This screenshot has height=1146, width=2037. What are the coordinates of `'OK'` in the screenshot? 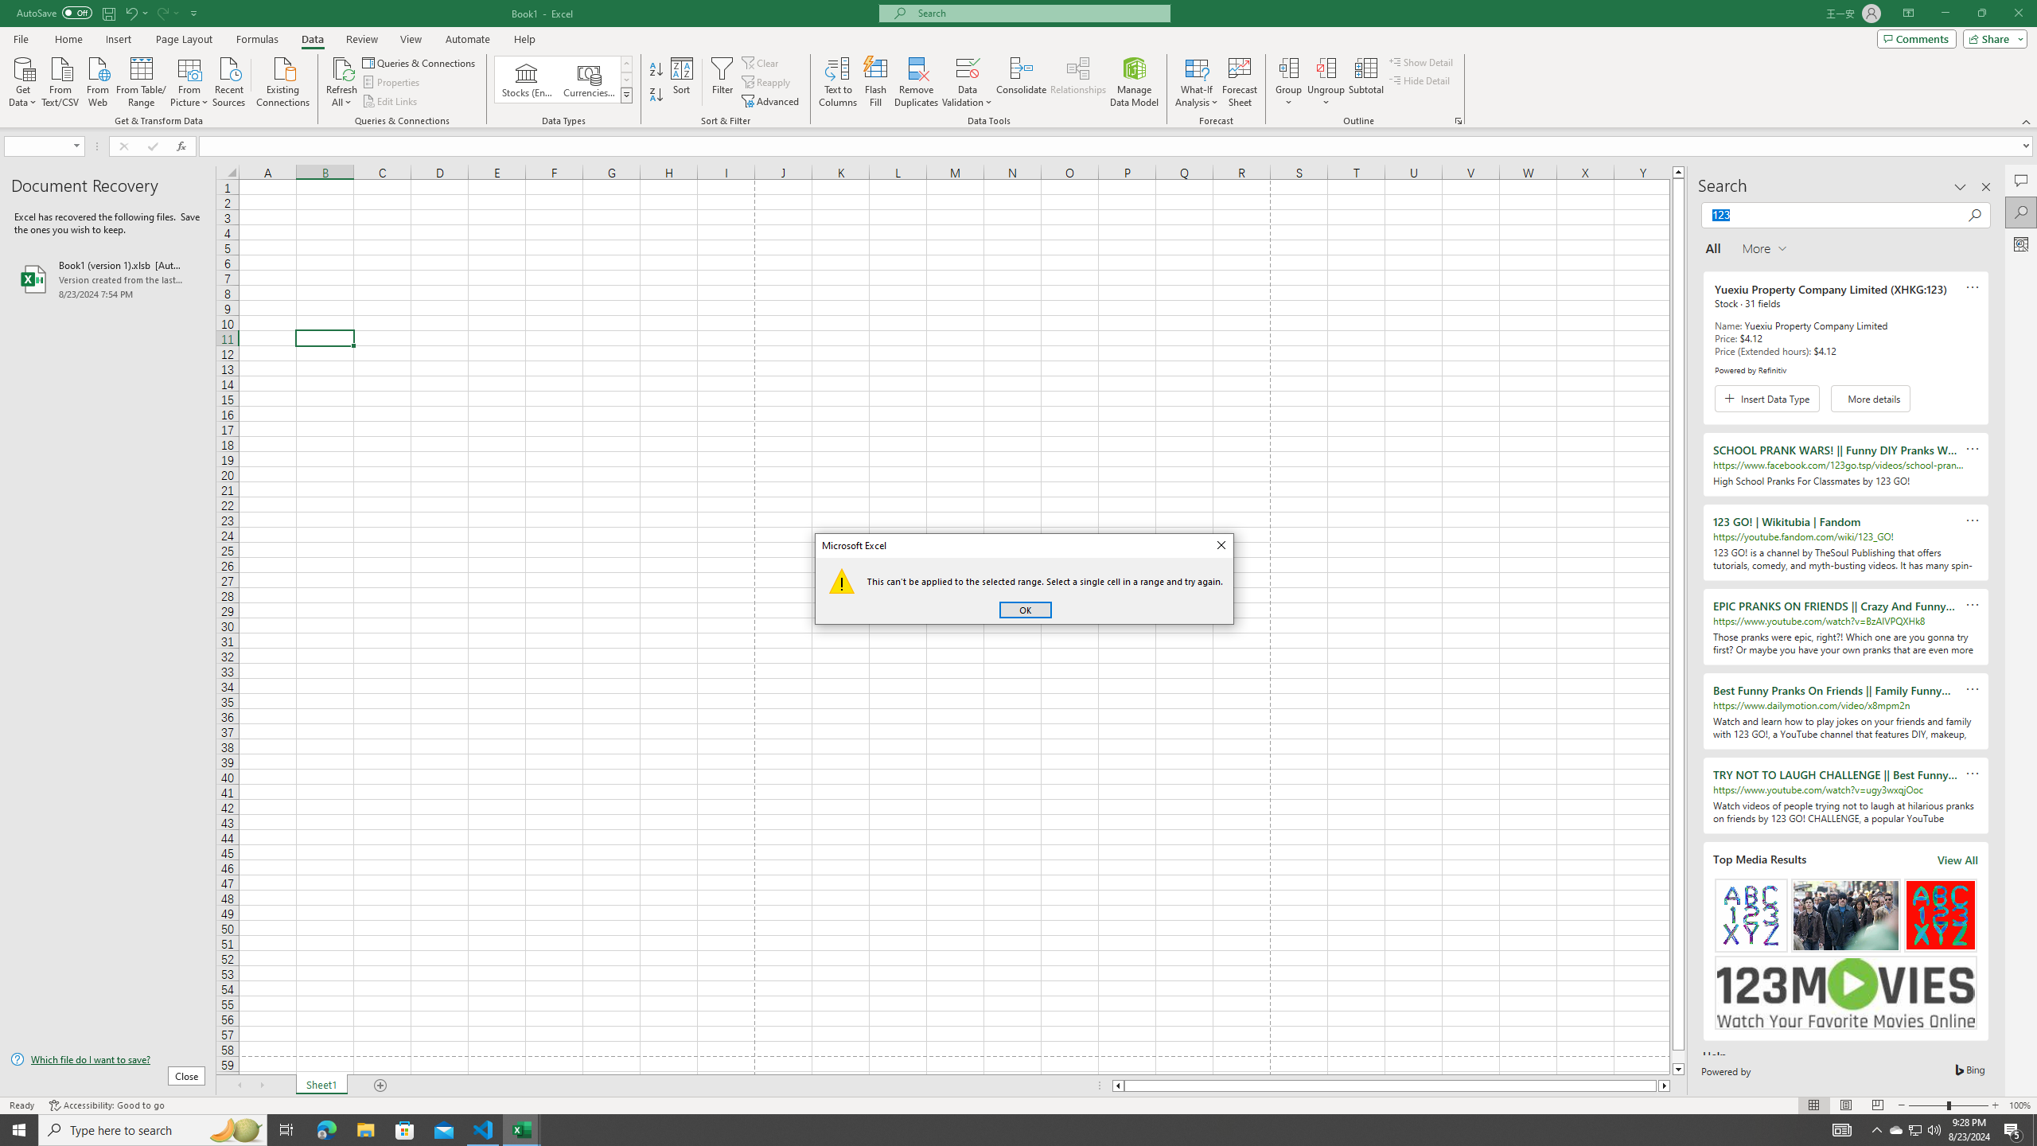 It's located at (1025, 609).